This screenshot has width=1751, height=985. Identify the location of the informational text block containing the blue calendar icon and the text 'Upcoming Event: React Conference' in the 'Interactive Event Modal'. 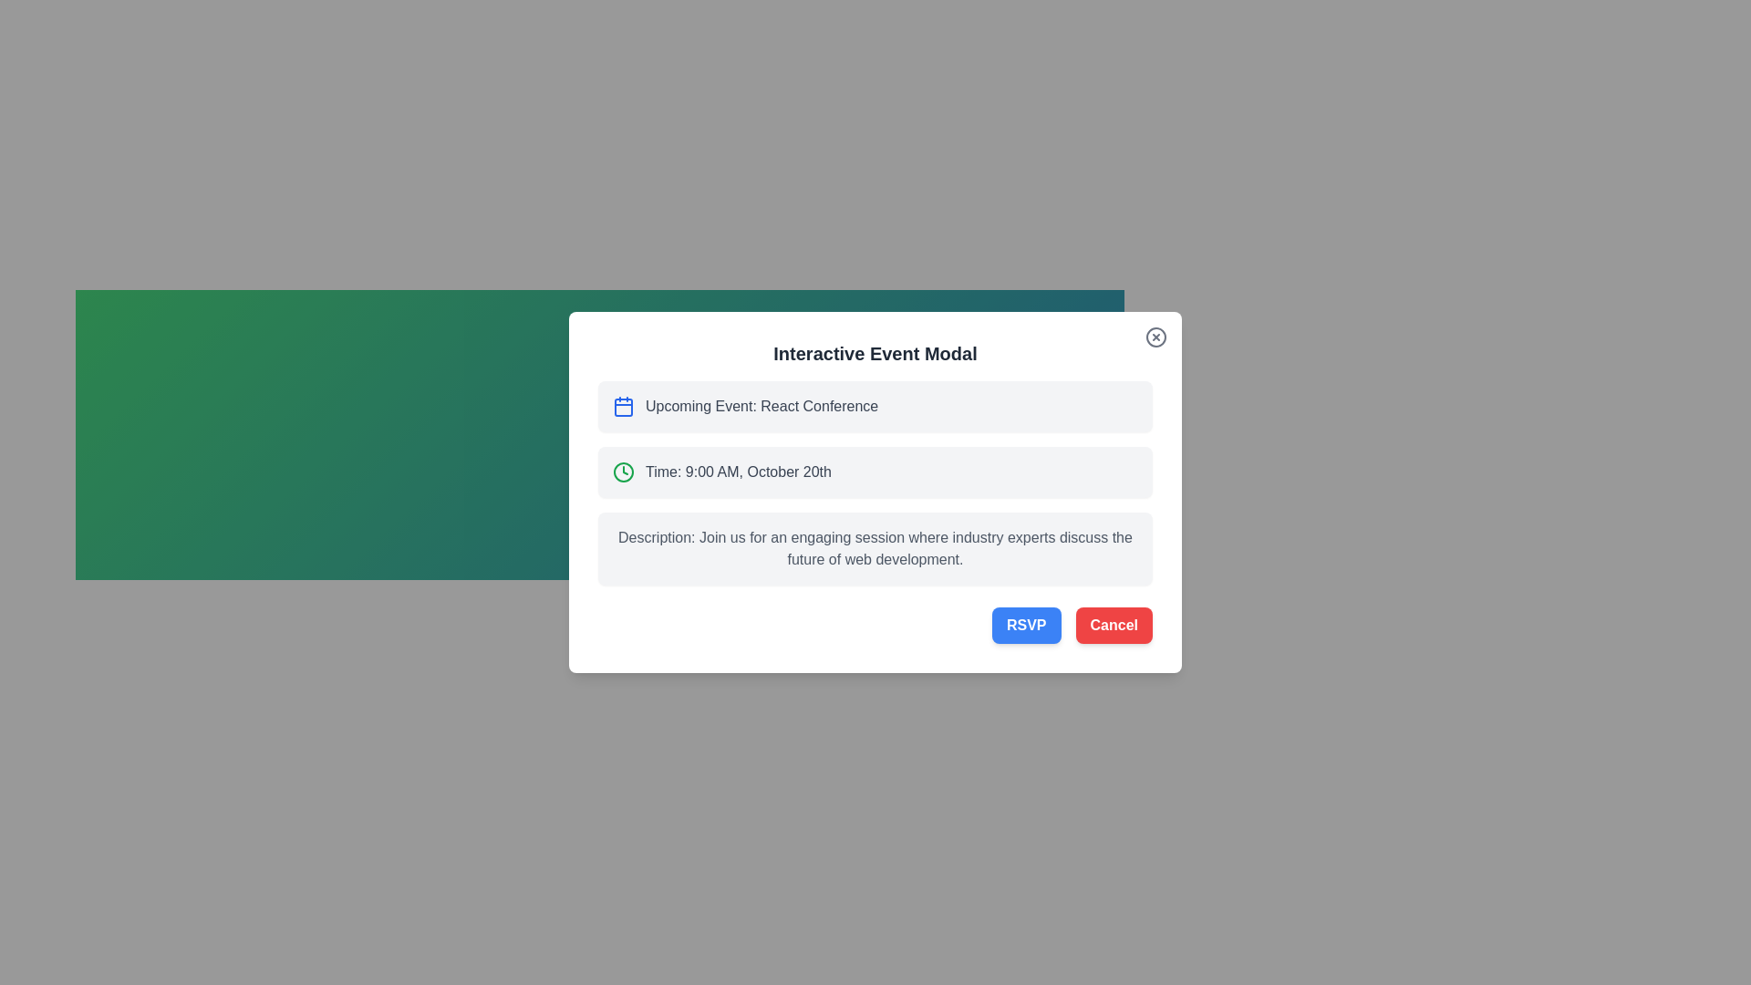
(875, 406).